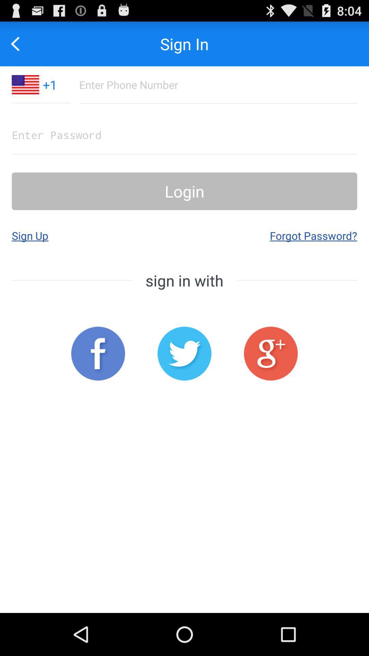  What do you see at coordinates (30, 235) in the screenshot?
I see `sign up app` at bounding box center [30, 235].